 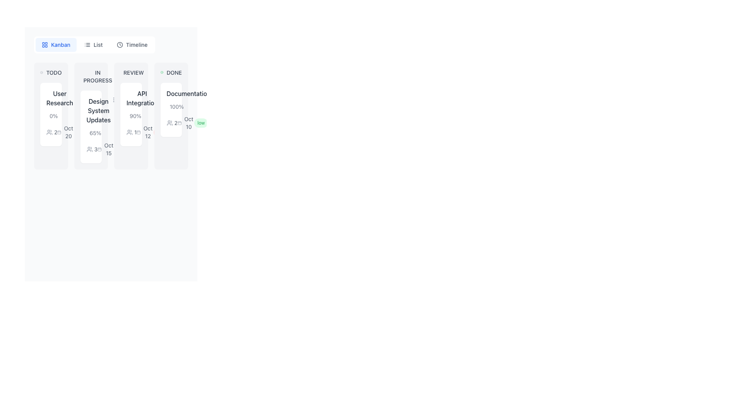 What do you see at coordinates (108, 149) in the screenshot?
I see `the static text 'Oct 15' styled in gray color, located under the task card titled 'Design System Updates' in the Kanban board interface, positioned below the percentage completion text '65%' and alongside a gray calendar icon` at bounding box center [108, 149].